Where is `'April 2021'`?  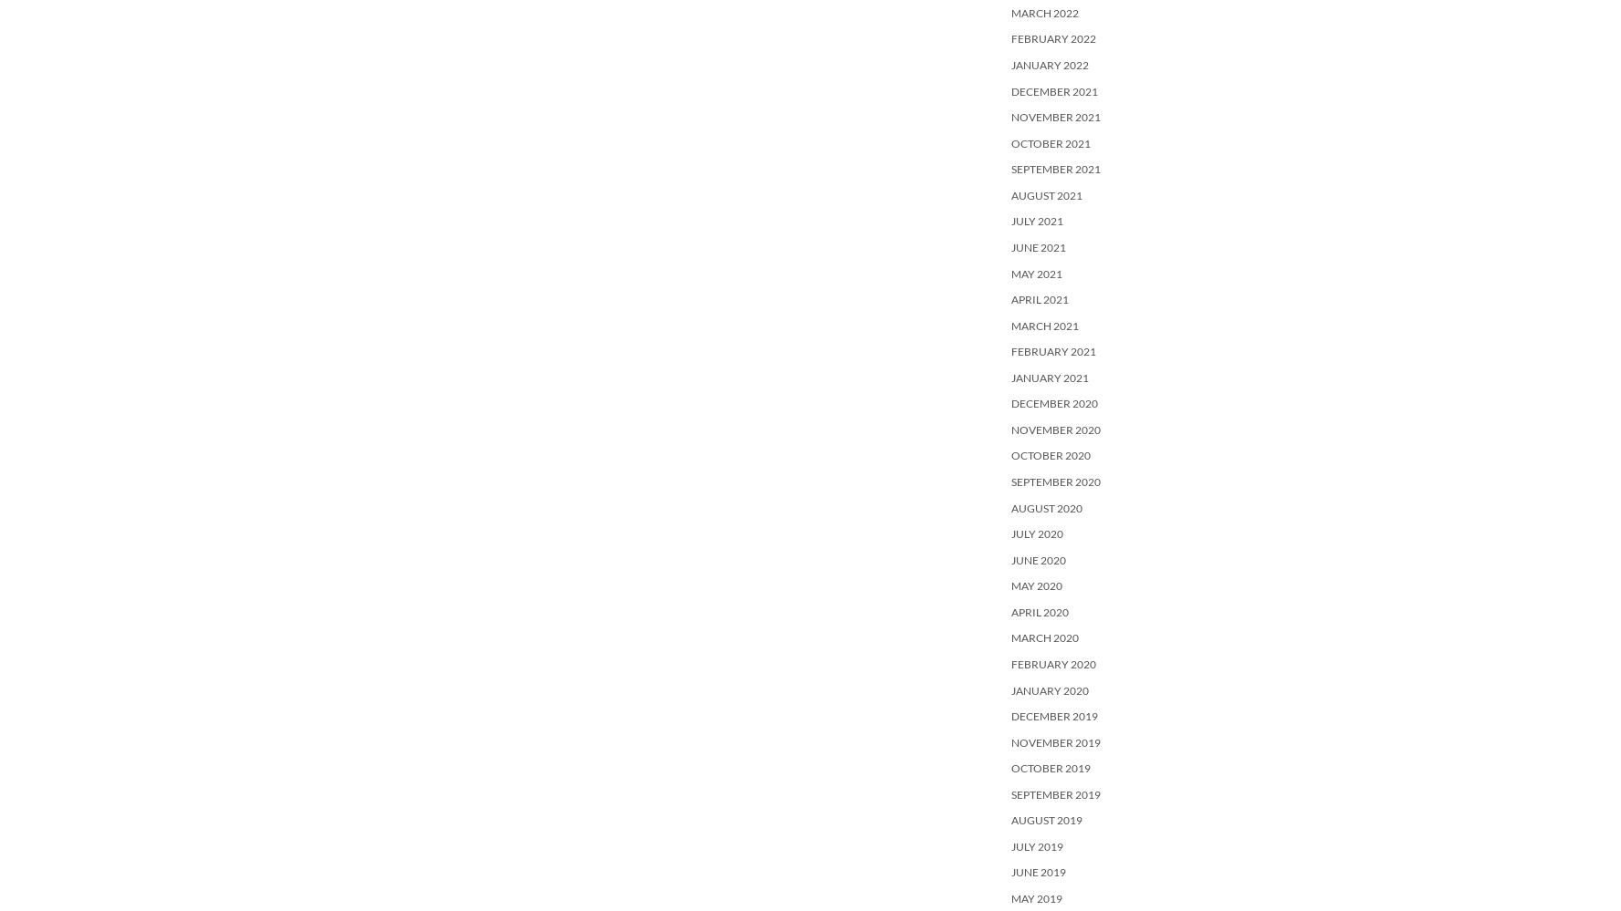 'April 2021' is located at coordinates (1040, 298).